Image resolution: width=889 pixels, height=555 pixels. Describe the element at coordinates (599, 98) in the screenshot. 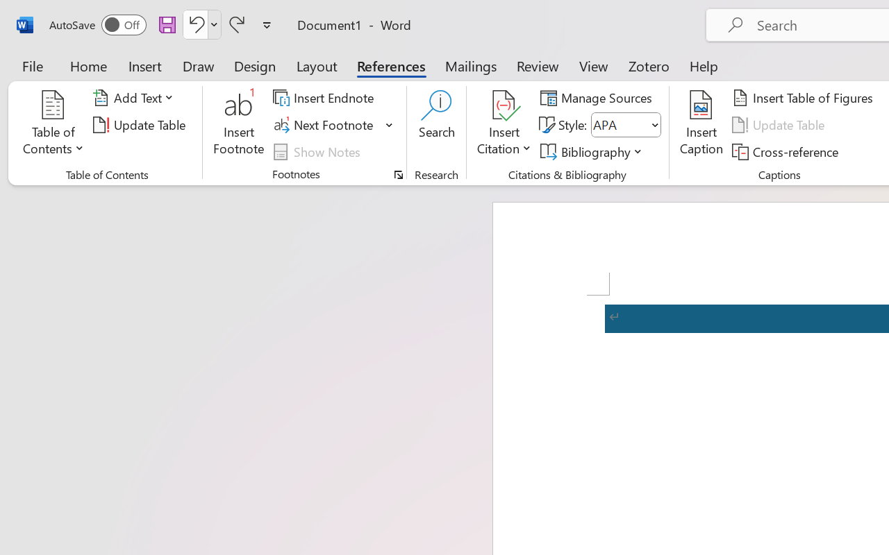

I see `'Manage Sources...'` at that location.